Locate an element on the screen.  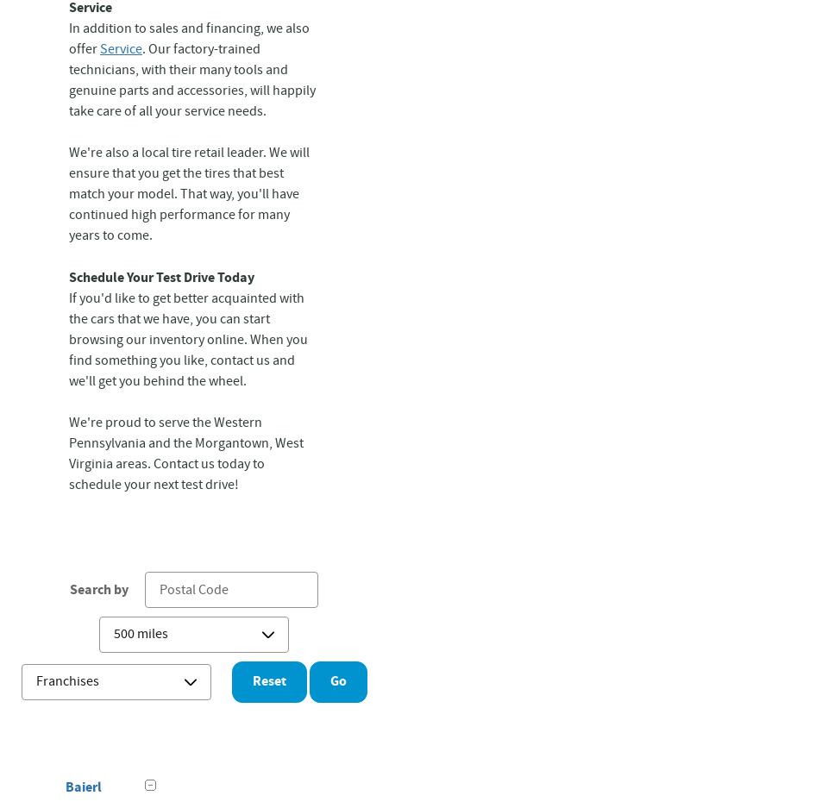
'Schedule Your Test Drive Today' is located at coordinates (161, 276).